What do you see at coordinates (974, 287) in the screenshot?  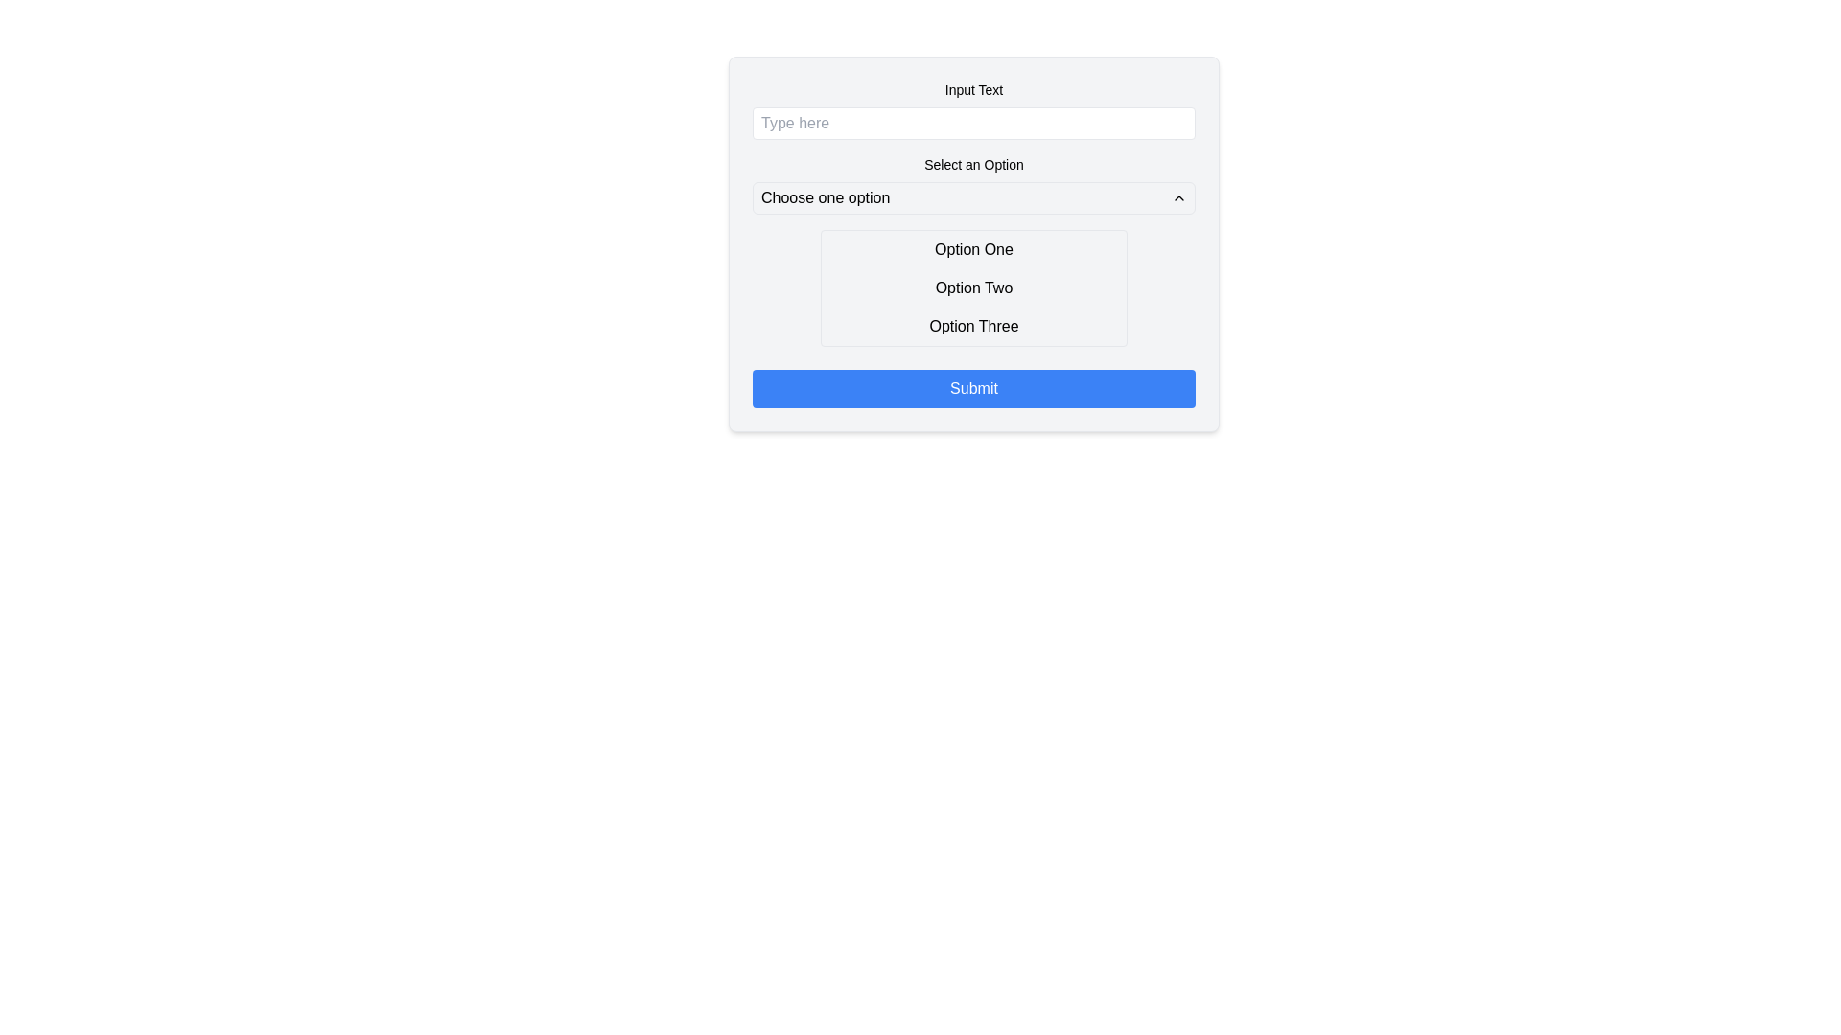 I see `the Options list located below the 'Choose one option' selector` at bounding box center [974, 287].